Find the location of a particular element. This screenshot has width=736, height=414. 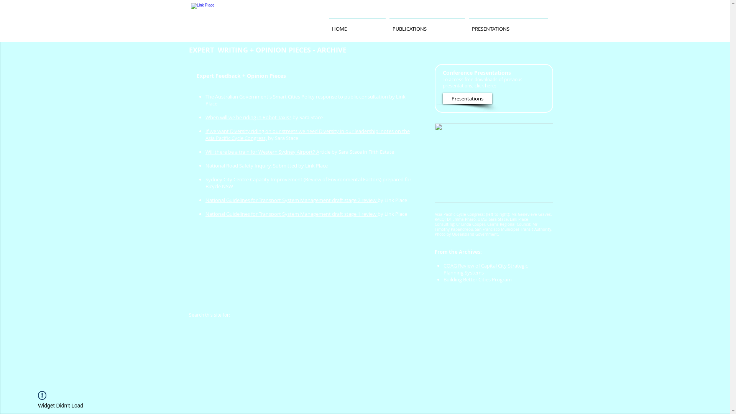

'Building Better Cities Program' is located at coordinates (443, 279).